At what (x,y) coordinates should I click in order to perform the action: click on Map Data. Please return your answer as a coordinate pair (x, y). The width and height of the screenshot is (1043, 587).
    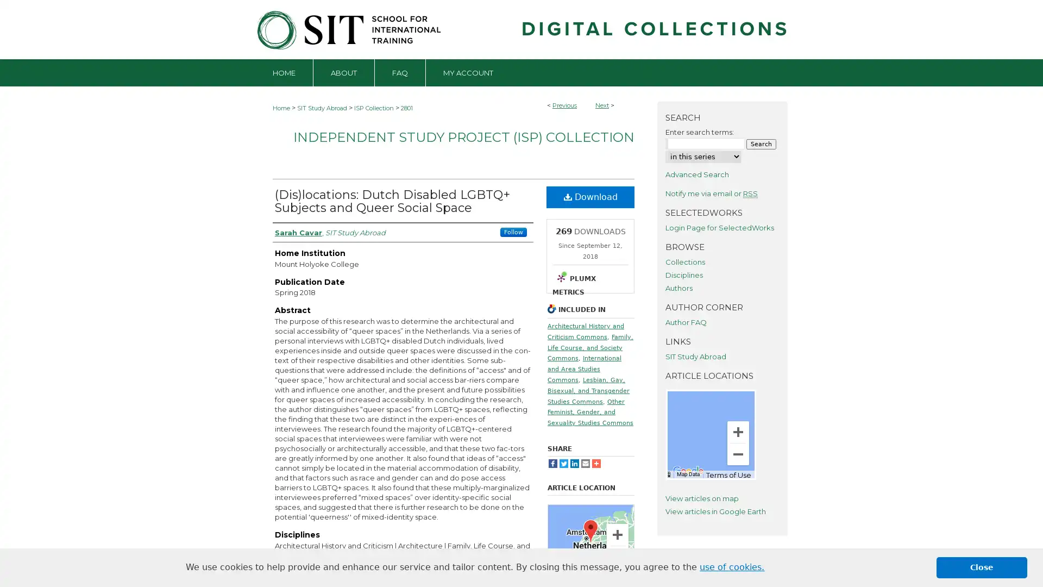
    Looking at the image, I should click on (581, 576).